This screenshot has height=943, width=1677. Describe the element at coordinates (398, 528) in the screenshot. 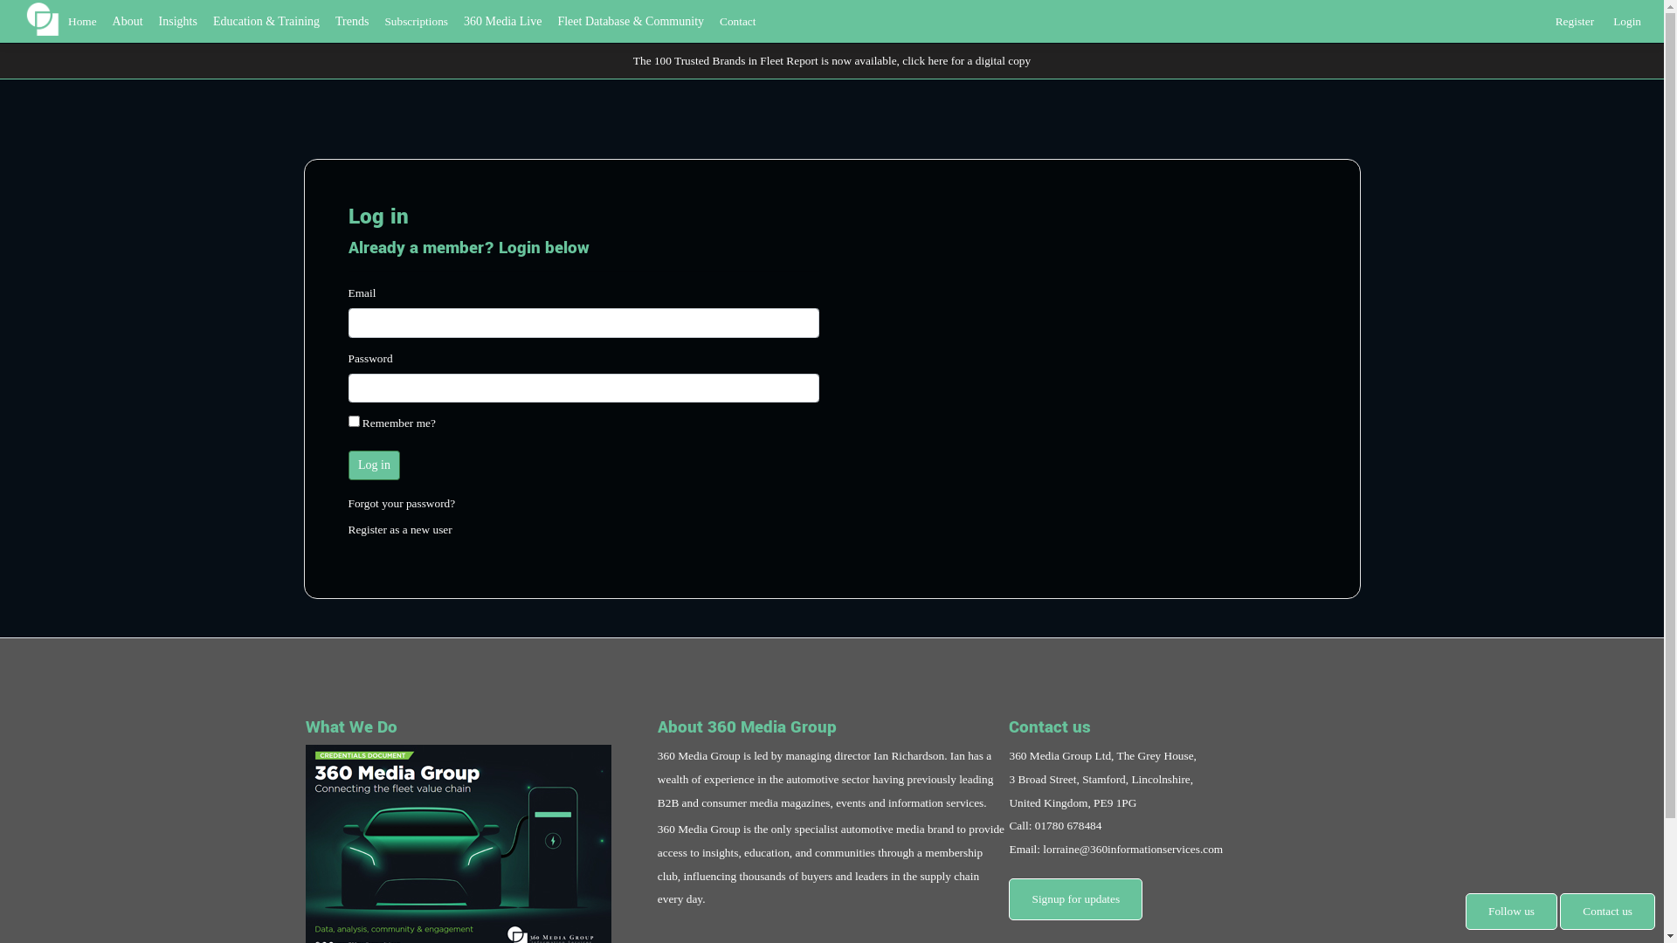

I see `'Register as a new user'` at that location.